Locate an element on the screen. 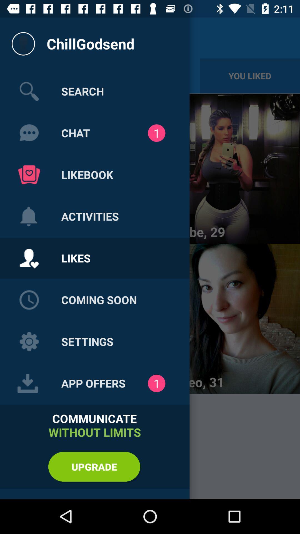  the chat icon is located at coordinates (29, 133).